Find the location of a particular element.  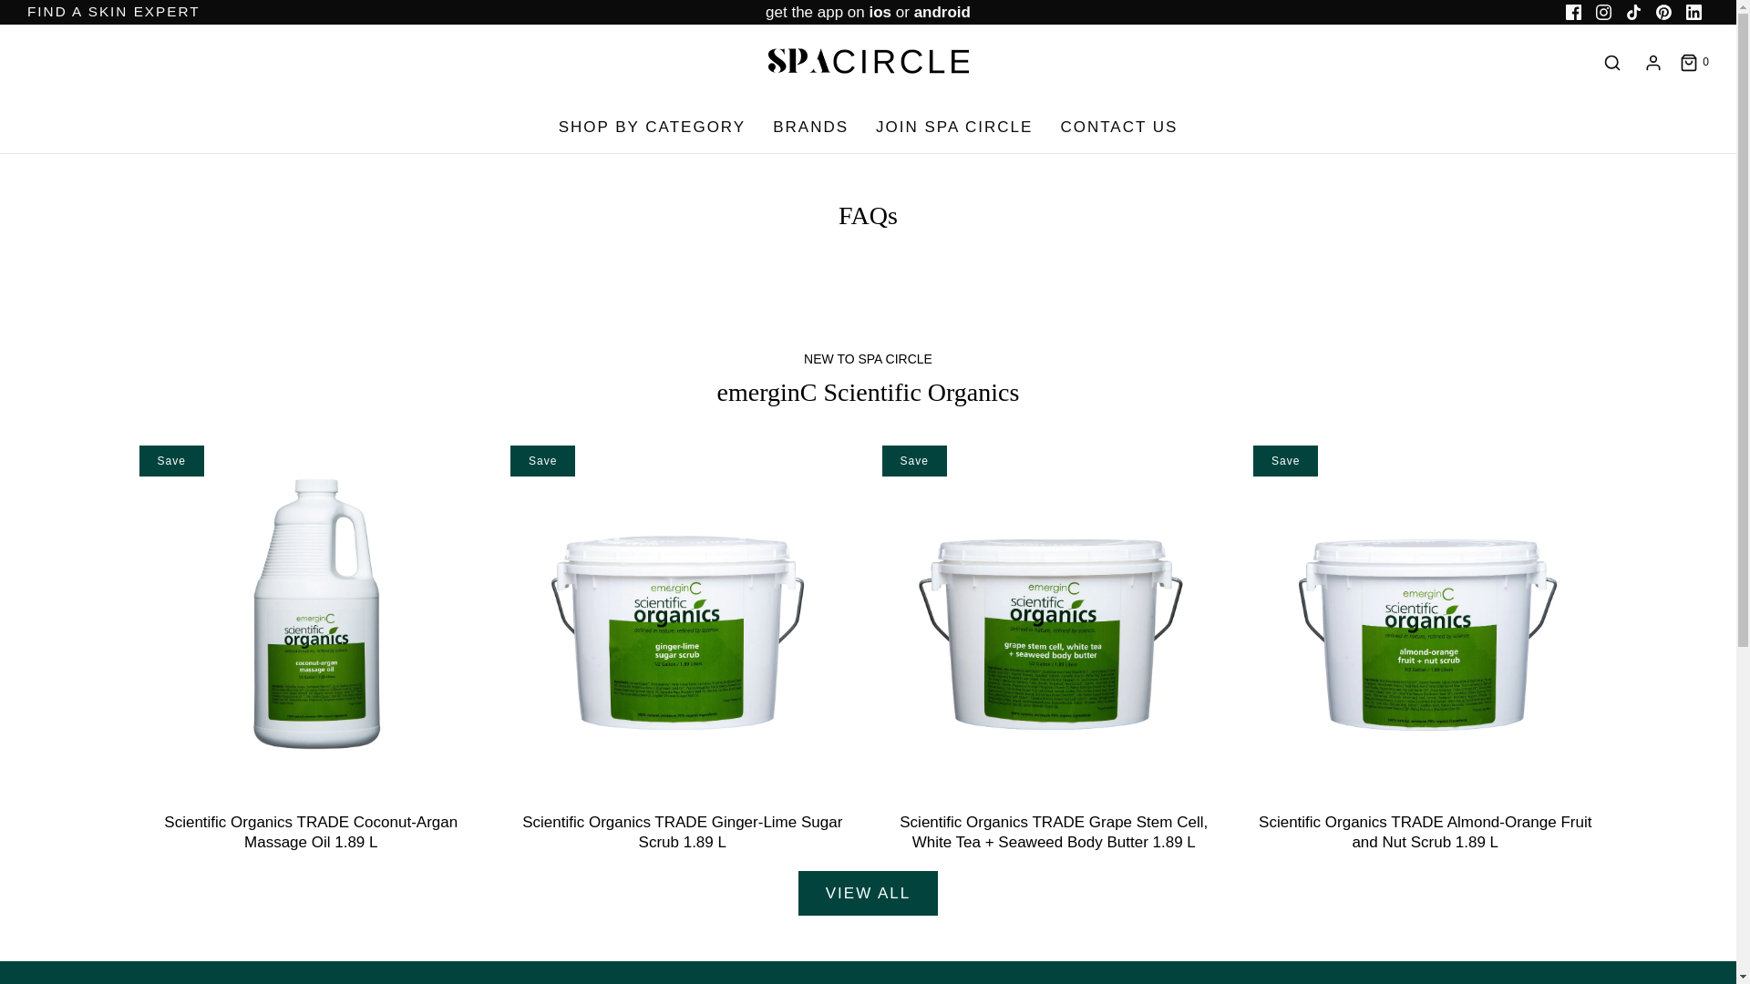

'FIND A SKIN EXPERT' is located at coordinates (112, 11).